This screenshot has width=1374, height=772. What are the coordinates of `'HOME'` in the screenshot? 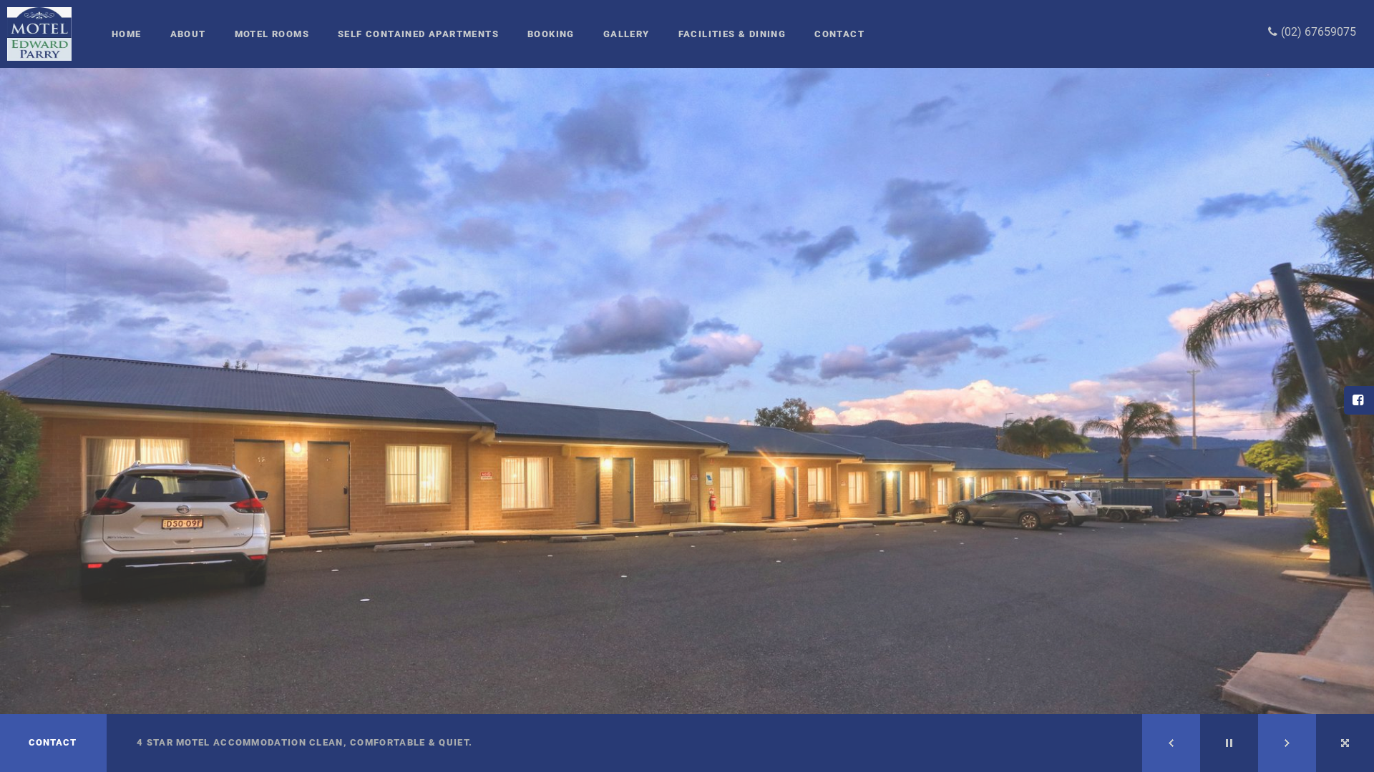 It's located at (127, 33).